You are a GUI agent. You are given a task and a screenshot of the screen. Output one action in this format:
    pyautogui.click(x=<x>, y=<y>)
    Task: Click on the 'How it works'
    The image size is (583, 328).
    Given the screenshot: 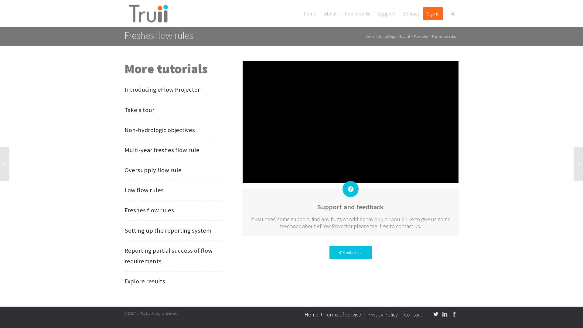 What is the action you would take?
    pyautogui.click(x=357, y=14)
    